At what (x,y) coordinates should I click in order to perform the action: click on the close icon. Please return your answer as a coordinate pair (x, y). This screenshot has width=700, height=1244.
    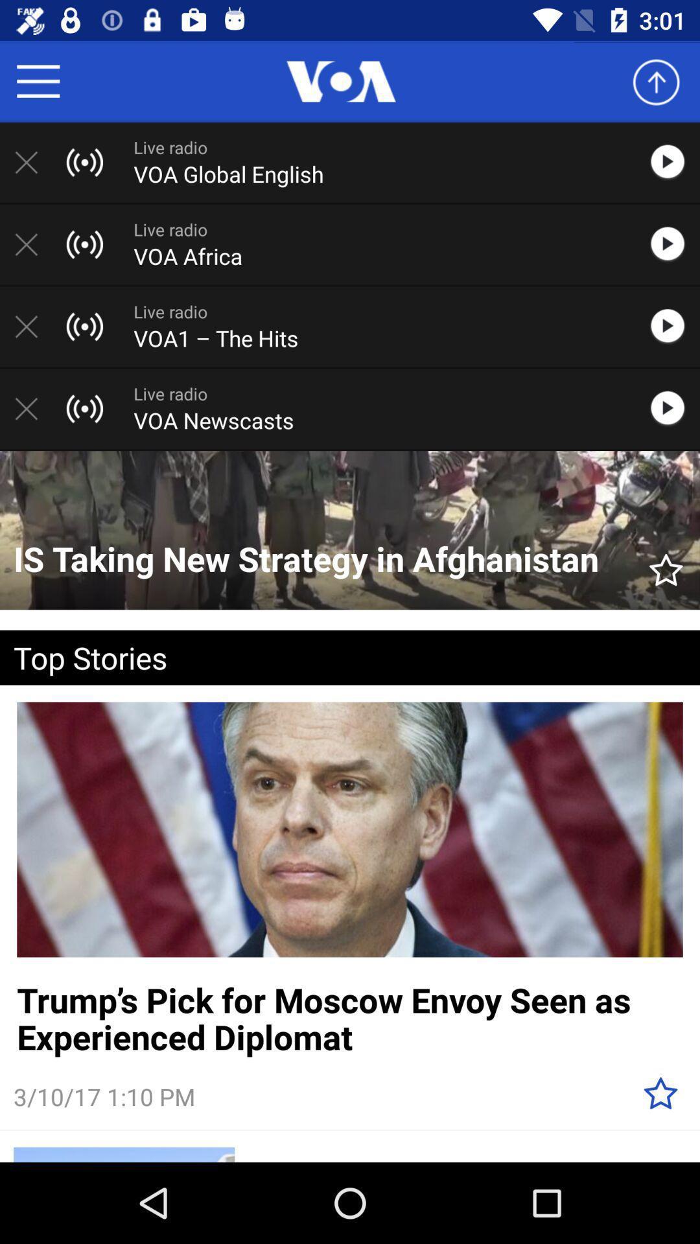
    Looking at the image, I should click on (32, 161).